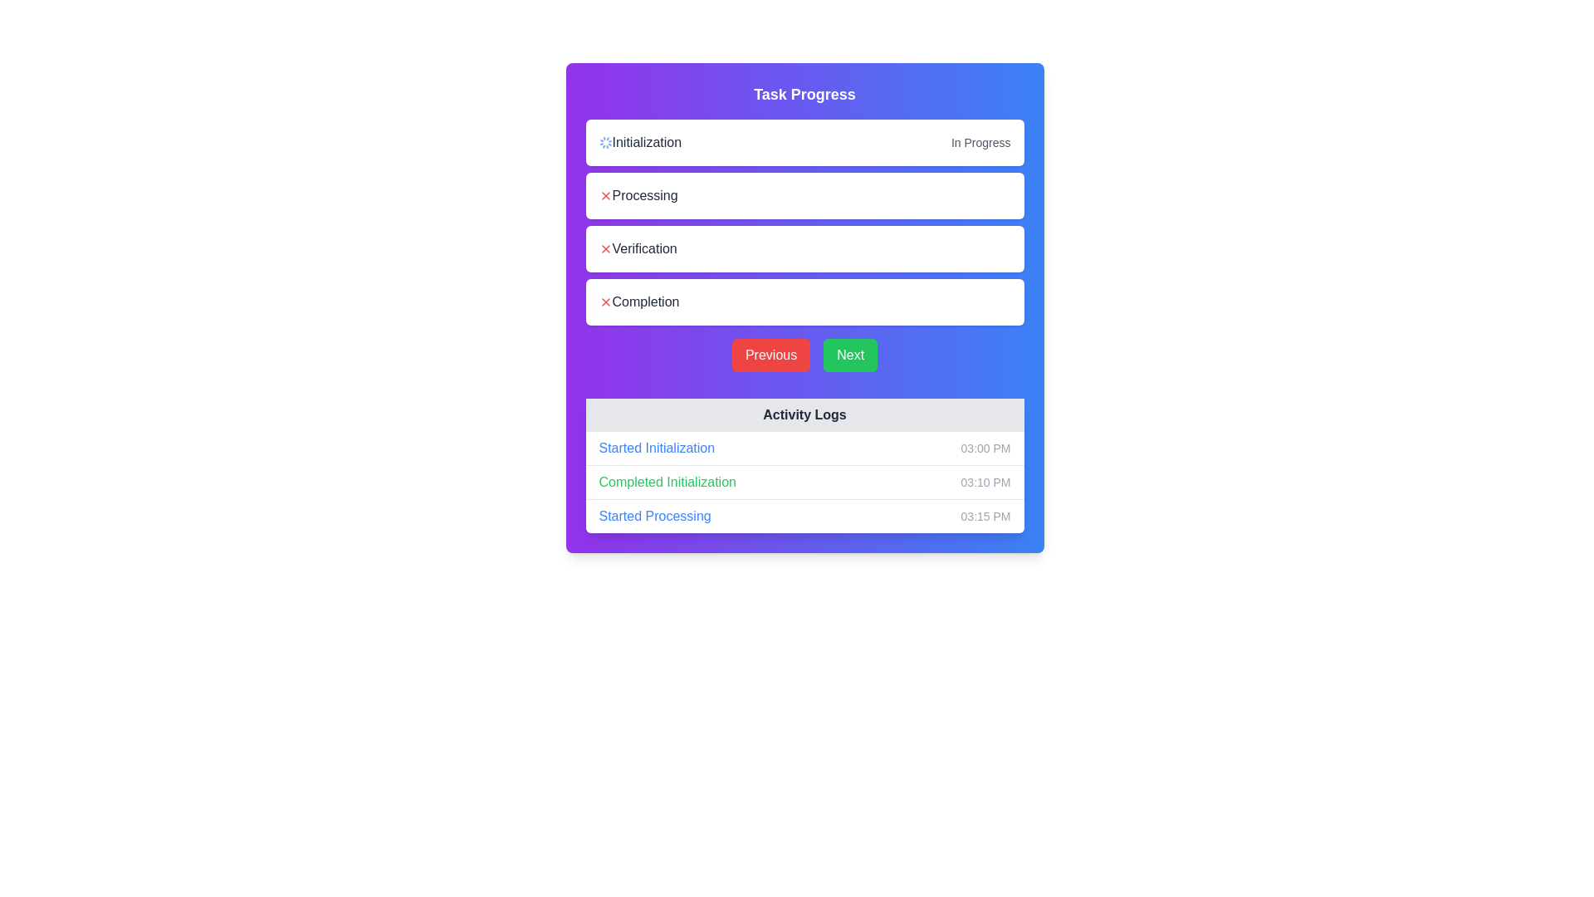 The image size is (1594, 897). Describe the element at coordinates (804, 95) in the screenshot. I see `header text that serves as the title for the task progress tracking section, positioned at the top of a card-like structure with a gradient background` at that location.